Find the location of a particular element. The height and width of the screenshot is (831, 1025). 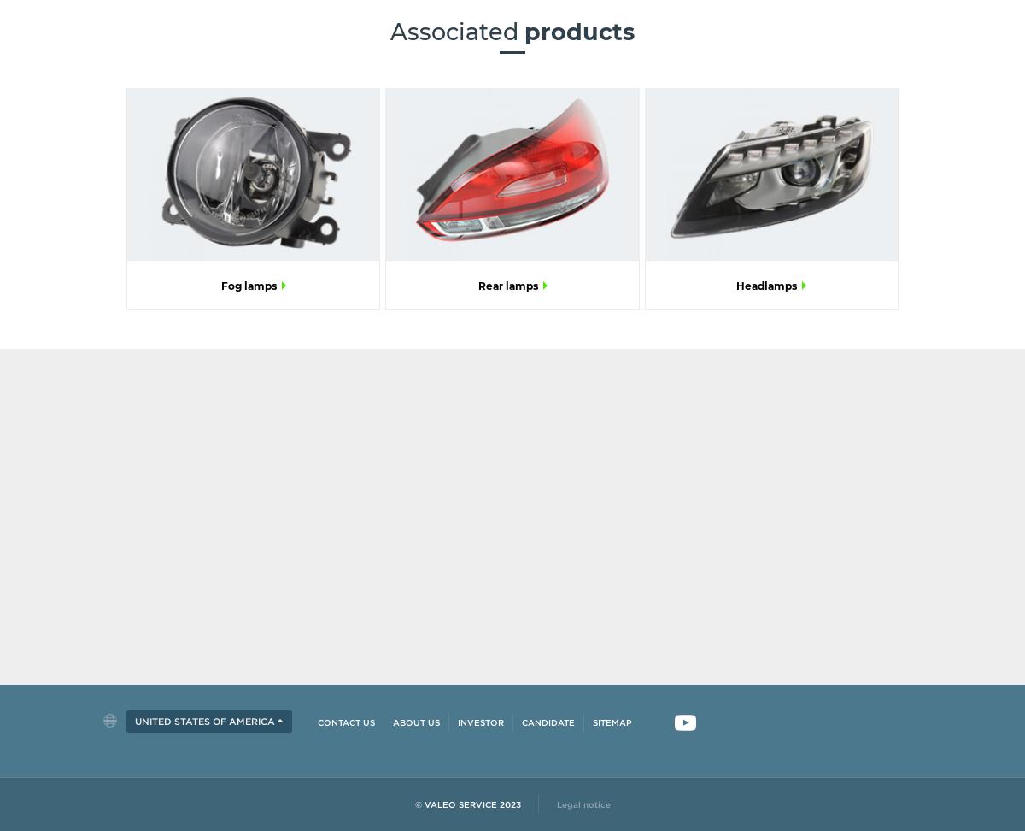

'Rear lamps' is located at coordinates (476, 284).